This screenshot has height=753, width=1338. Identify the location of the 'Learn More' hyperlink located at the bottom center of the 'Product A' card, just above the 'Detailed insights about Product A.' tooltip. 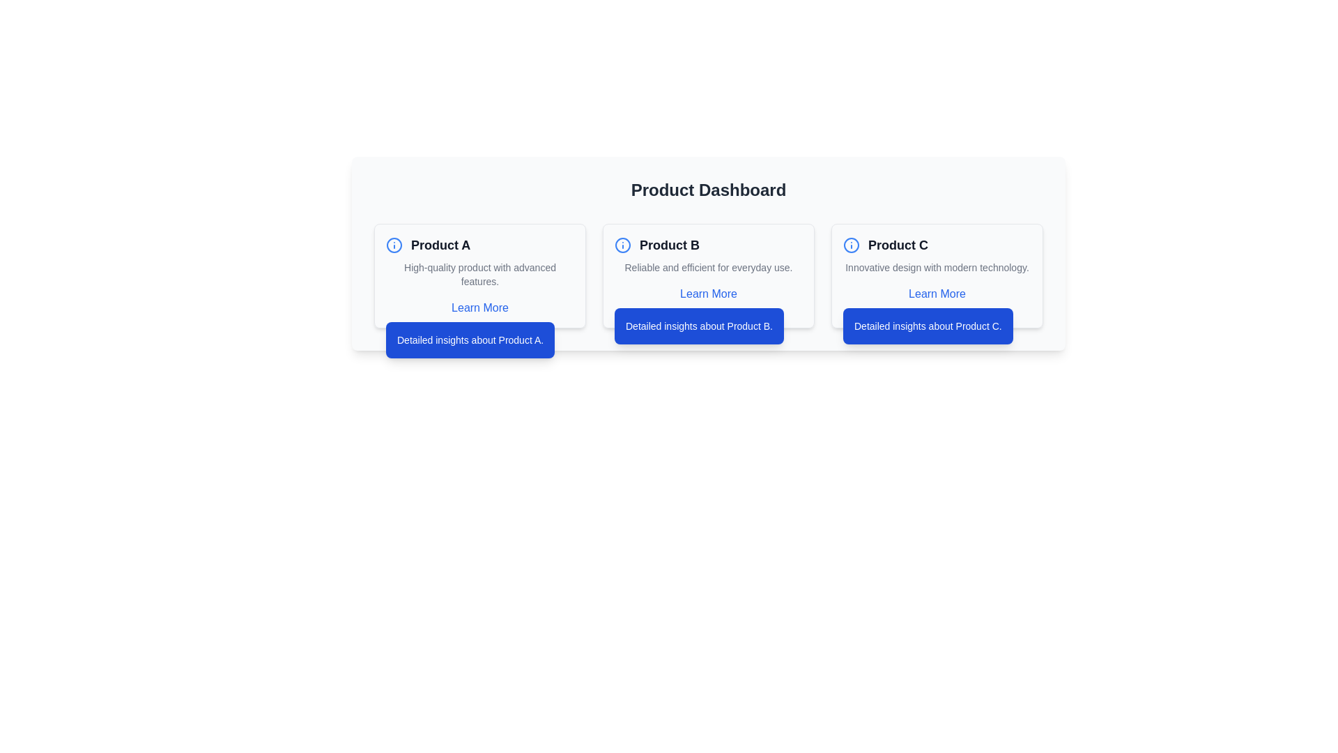
(479, 307).